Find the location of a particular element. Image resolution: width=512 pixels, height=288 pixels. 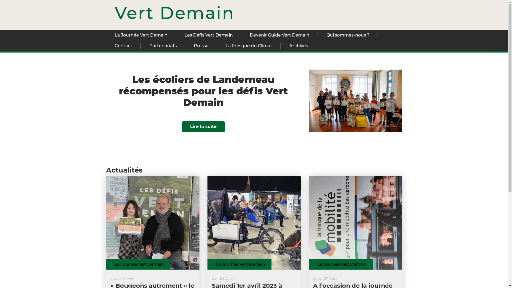

'Contact' is located at coordinates (106, 46).